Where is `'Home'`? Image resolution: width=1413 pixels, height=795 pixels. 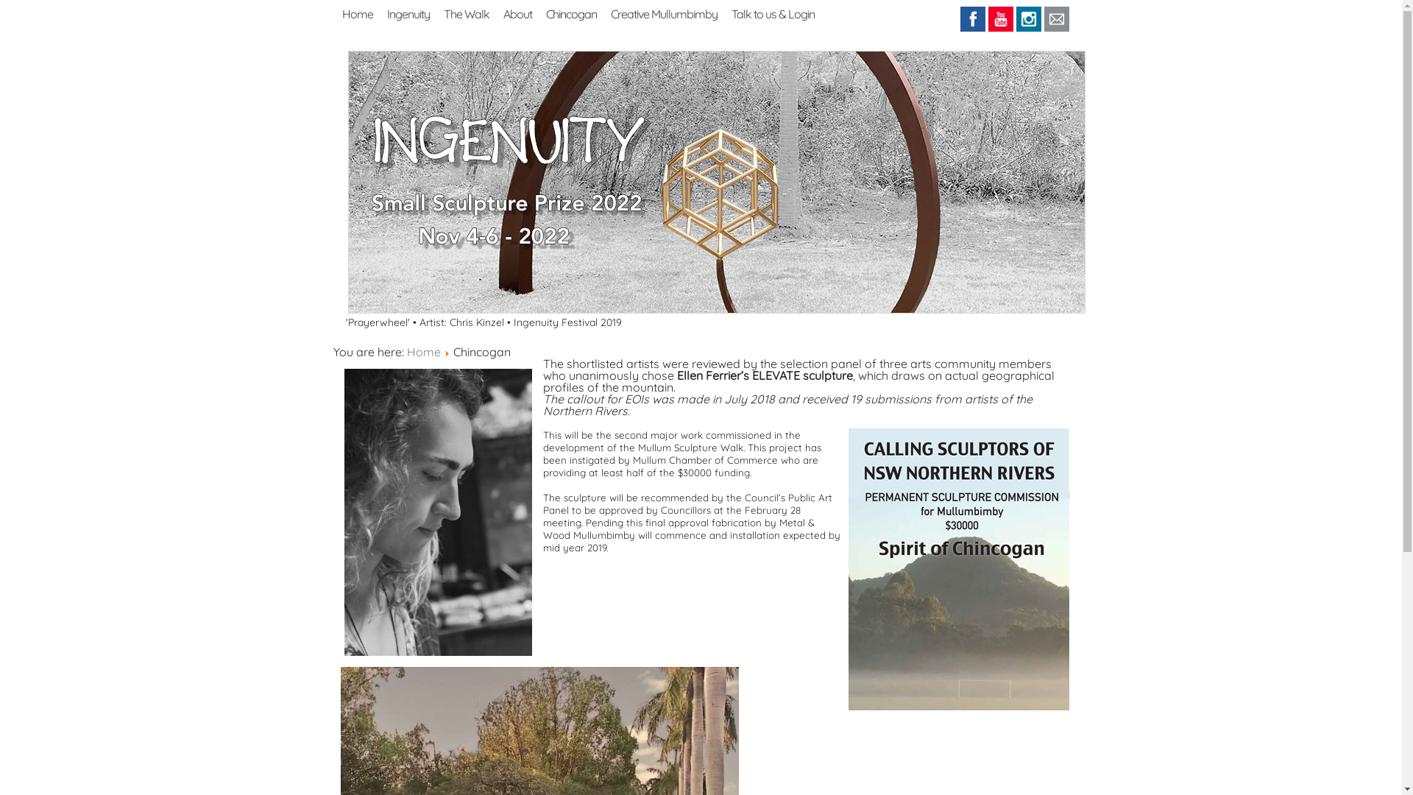 'Home' is located at coordinates (406, 352).